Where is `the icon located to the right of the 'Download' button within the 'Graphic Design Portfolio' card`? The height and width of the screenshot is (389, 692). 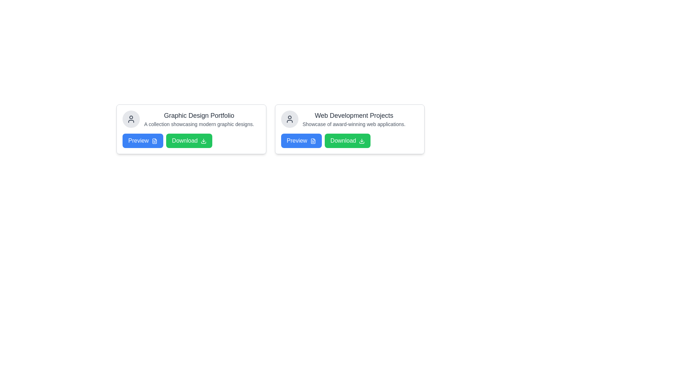
the icon located to the right of the 'Download' button within the 'Graphic Design Portfolio' card is located at coordinates (203, 141).